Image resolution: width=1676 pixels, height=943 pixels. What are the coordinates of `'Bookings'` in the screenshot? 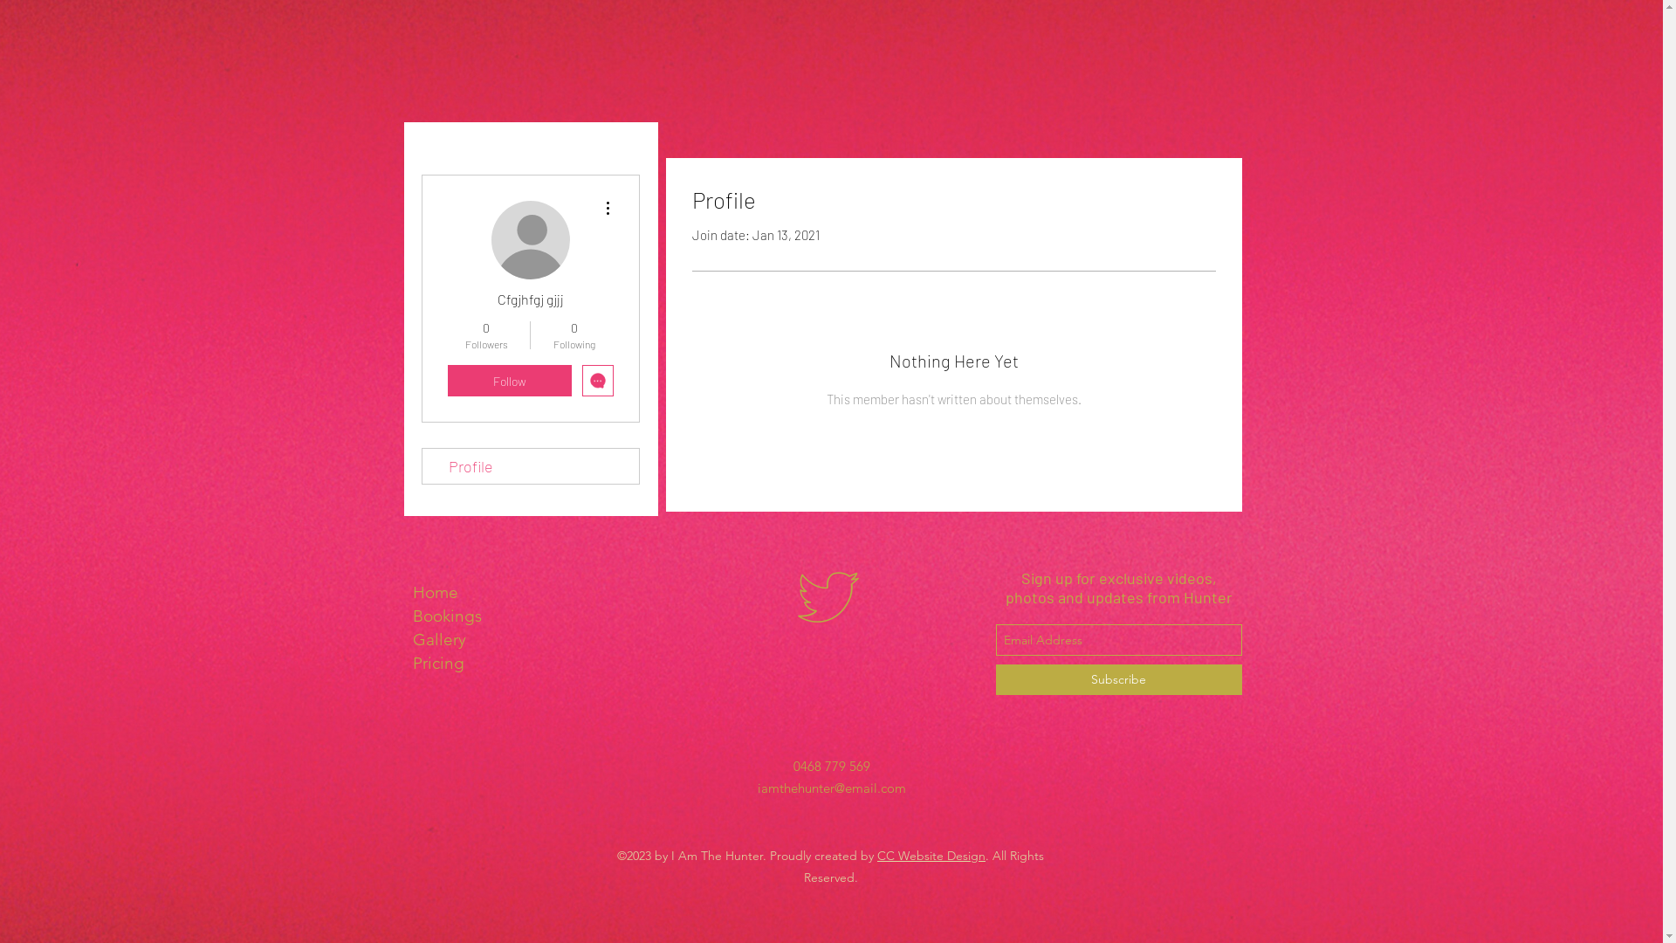 It's located at (410, 615).